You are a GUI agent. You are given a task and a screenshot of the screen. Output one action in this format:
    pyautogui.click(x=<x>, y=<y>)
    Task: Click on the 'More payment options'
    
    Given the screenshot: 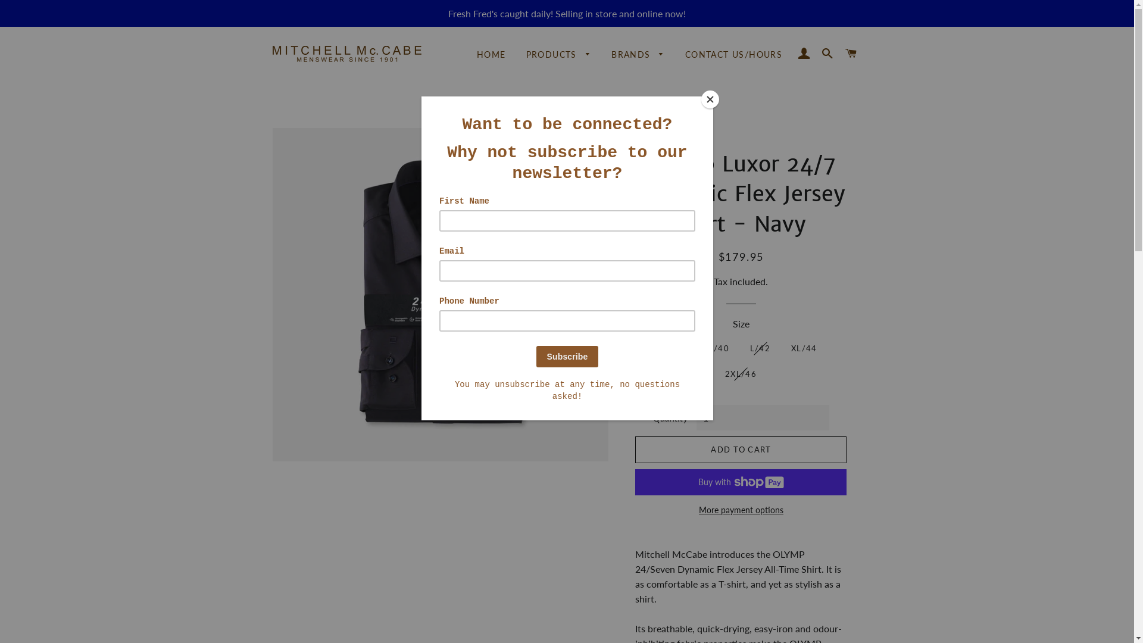 What is the action you would take?
    pyautogui.click(x=740, y=509)
    